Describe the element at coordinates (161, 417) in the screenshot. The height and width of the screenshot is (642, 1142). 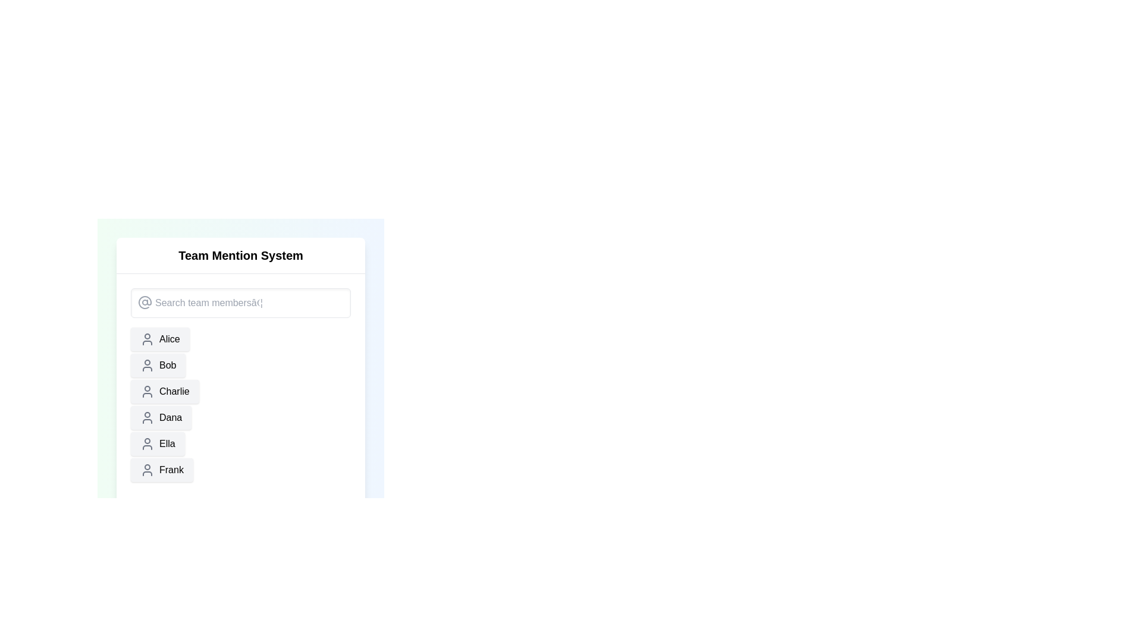
I see `the button labeled 'Dana' in the 'Team Mention System' interface` at that location.